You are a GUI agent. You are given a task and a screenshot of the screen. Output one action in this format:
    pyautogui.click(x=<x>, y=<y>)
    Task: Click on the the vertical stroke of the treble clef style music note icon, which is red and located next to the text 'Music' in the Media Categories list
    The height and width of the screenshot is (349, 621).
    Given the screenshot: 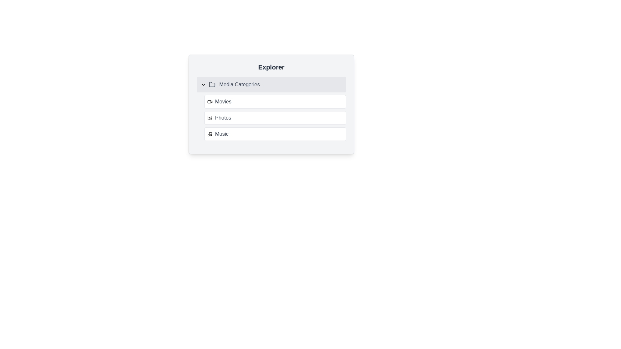 What is the action you would take?
    pyautogui.click(x=211, y=133)
    